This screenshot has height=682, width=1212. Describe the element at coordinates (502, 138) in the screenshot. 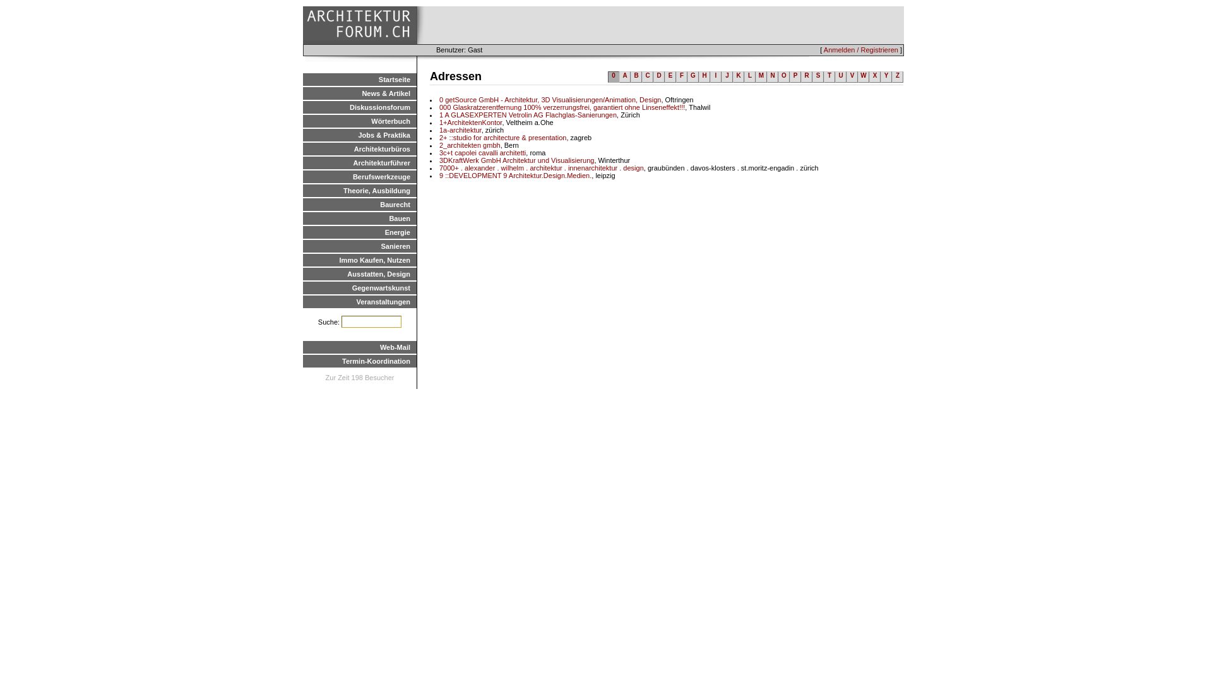

I see `'2+ ::studio for architecture & presentation'` at that location.